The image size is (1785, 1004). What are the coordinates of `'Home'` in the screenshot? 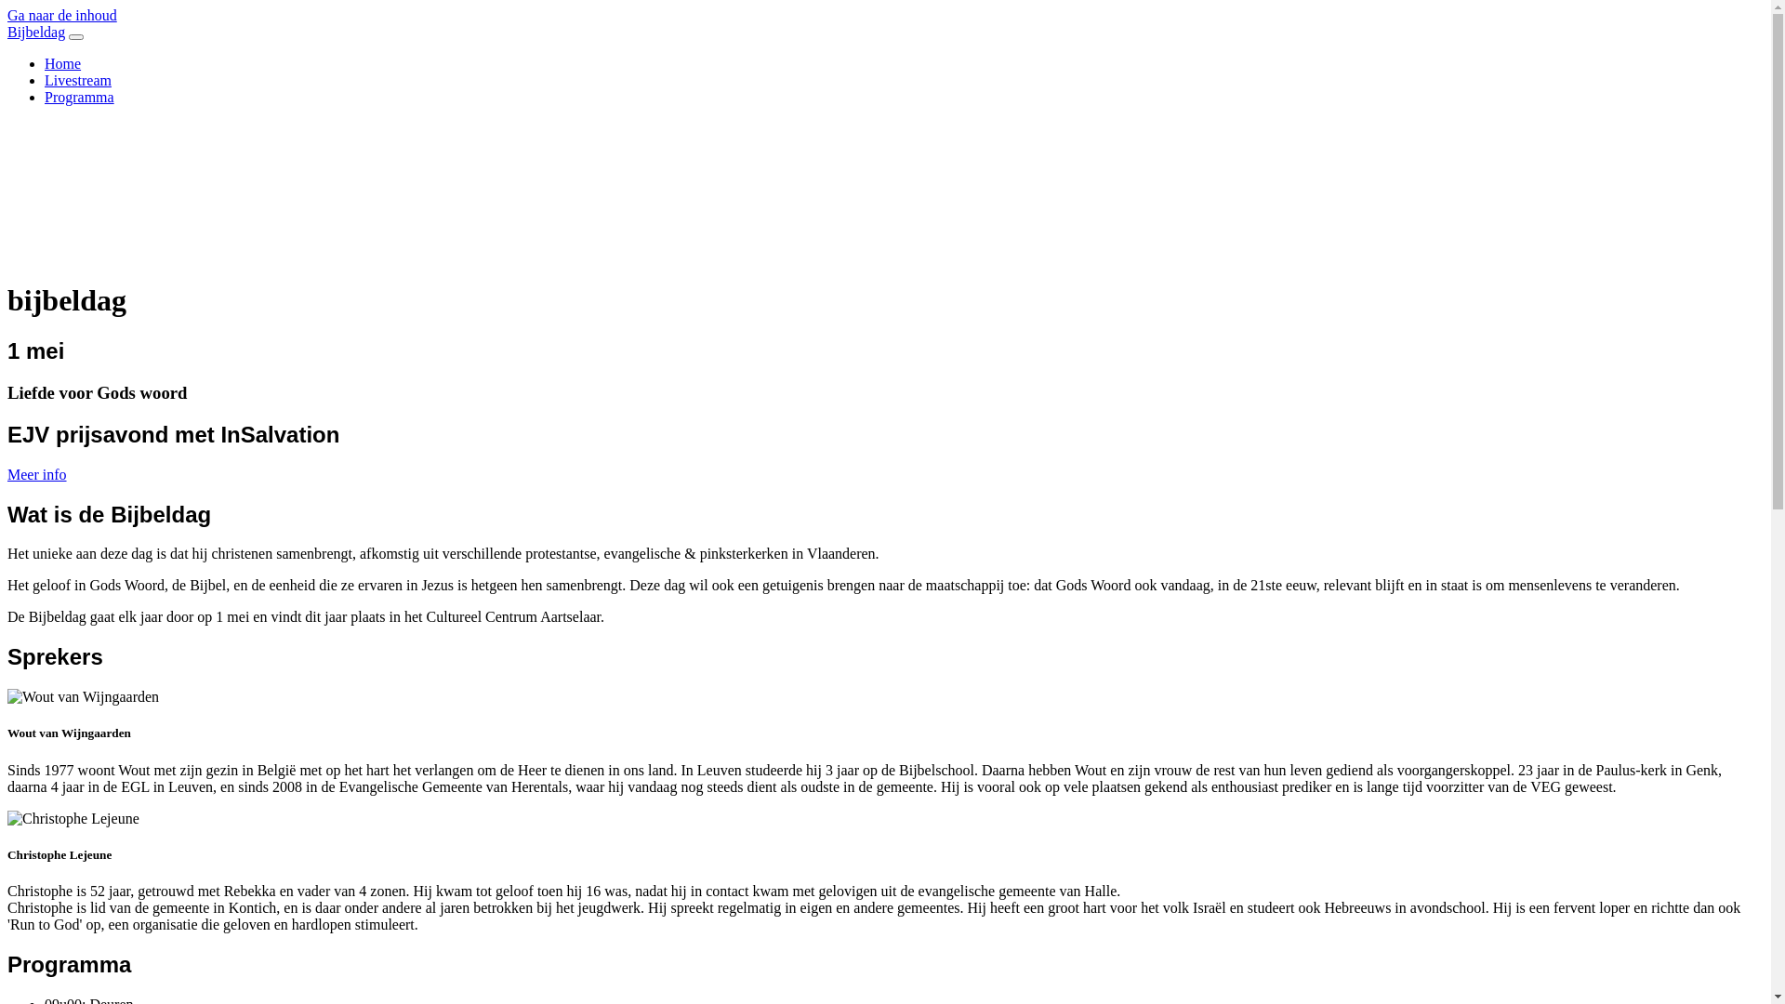 It's located at (62, 62).